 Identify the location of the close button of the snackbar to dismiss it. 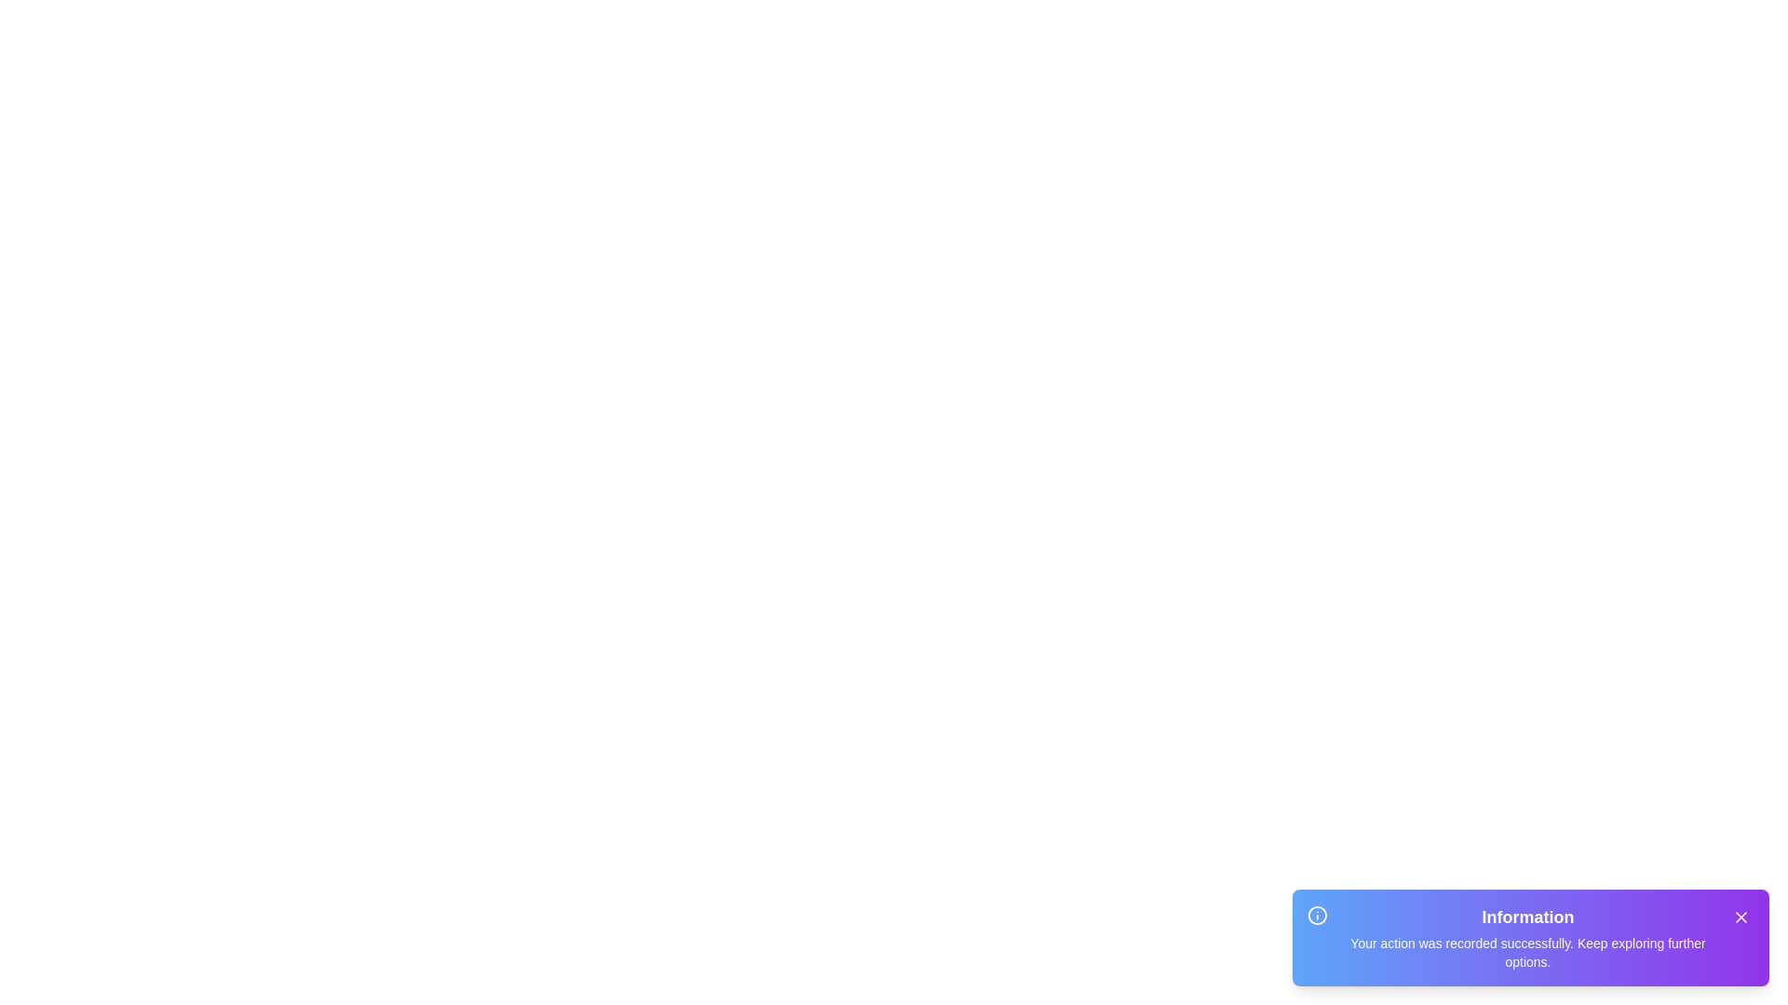
(1741, 917).